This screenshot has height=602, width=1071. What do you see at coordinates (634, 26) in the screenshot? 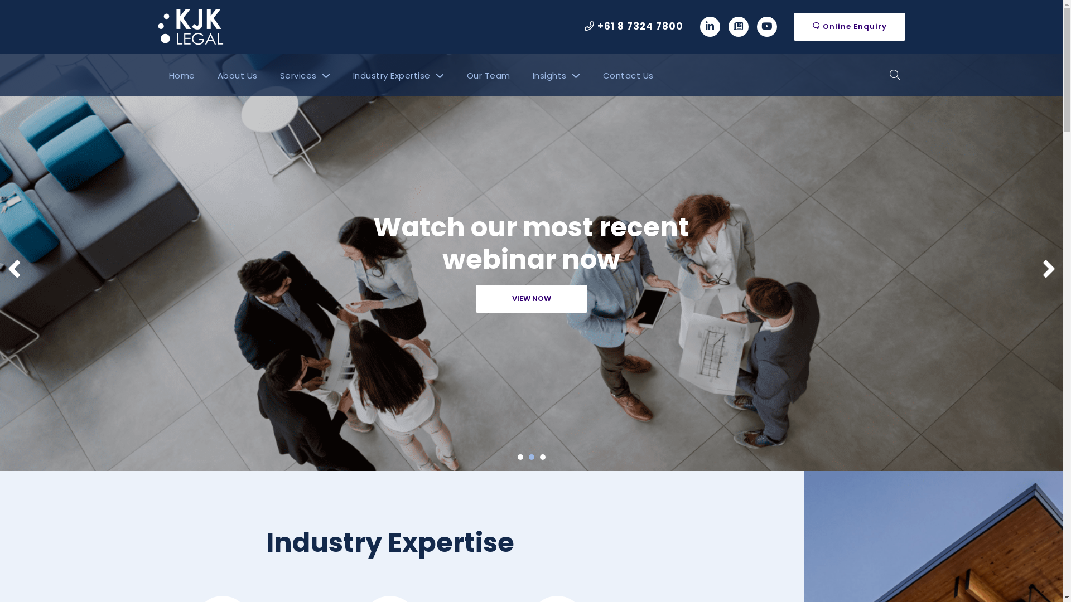
I see `'+61 8 7324 7800'` at bounding box center [634, 26].